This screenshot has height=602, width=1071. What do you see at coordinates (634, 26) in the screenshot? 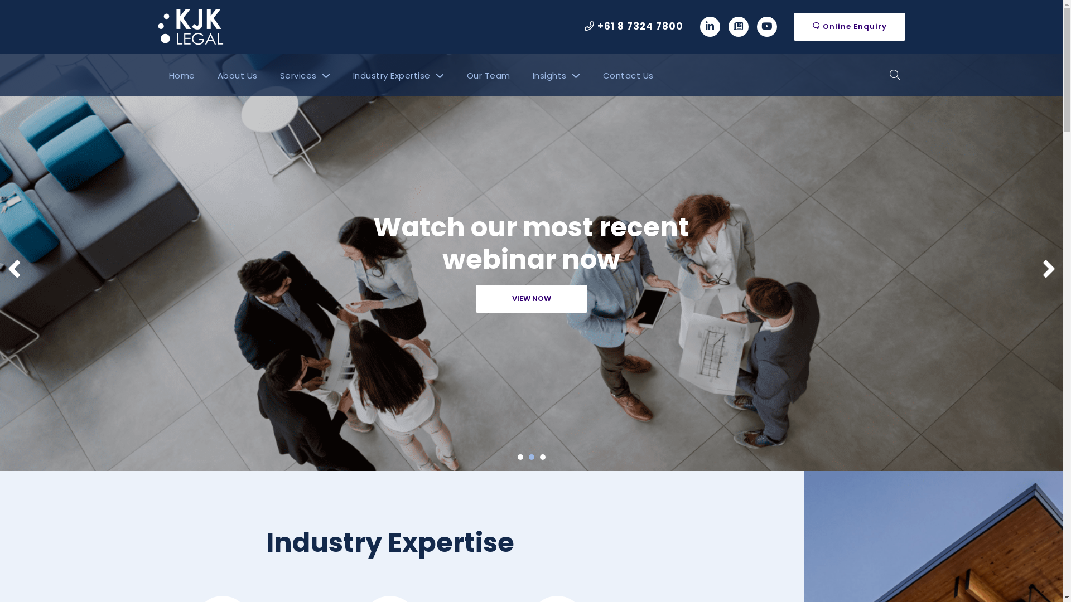
I see `'+61 8 7324 7800'` at bounding box center [634, 26].